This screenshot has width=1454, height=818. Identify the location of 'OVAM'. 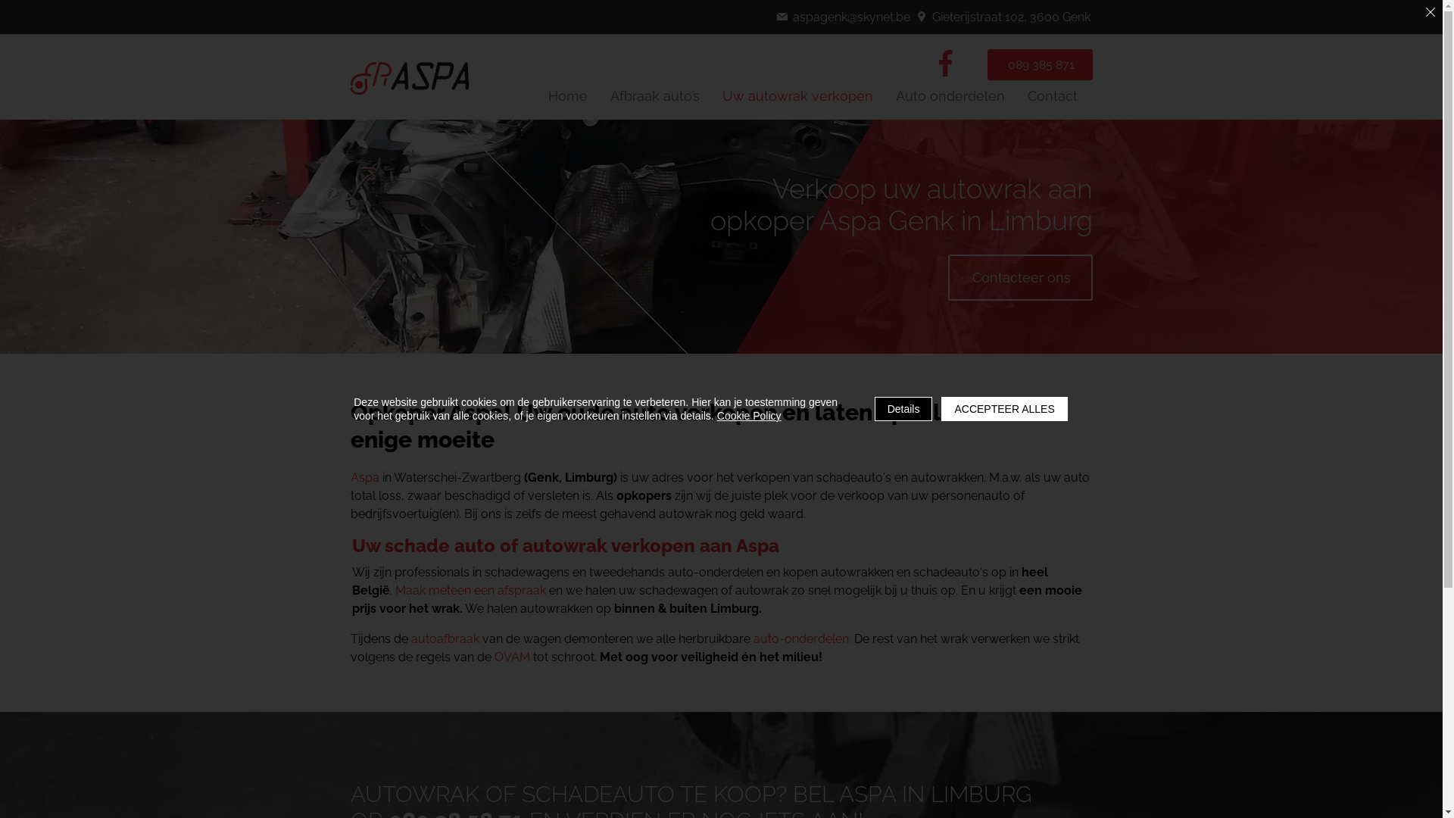
(511, 656).